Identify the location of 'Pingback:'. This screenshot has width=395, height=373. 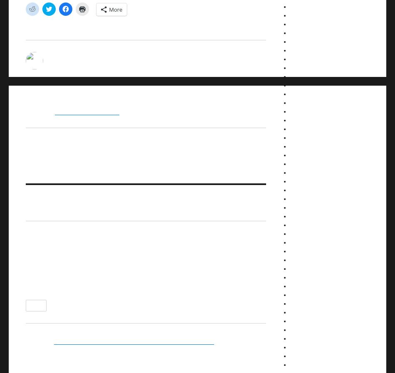
(26, 340).